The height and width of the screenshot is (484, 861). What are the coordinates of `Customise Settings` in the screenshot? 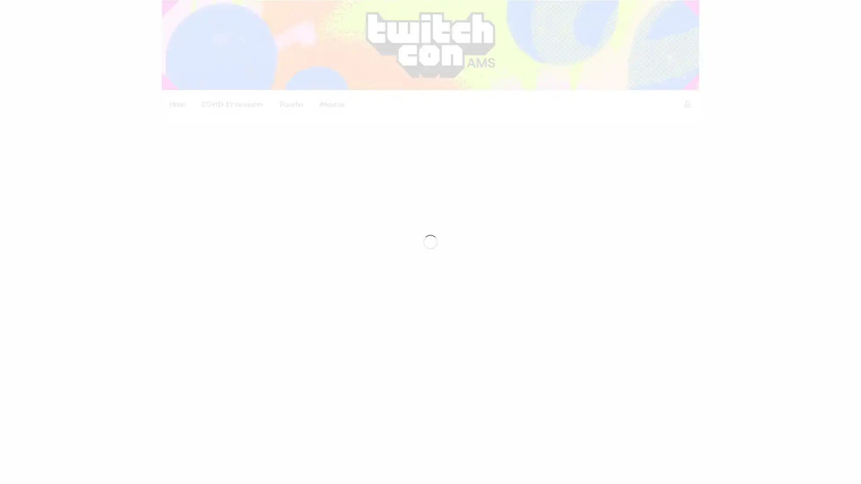 It's located at (551, 469).